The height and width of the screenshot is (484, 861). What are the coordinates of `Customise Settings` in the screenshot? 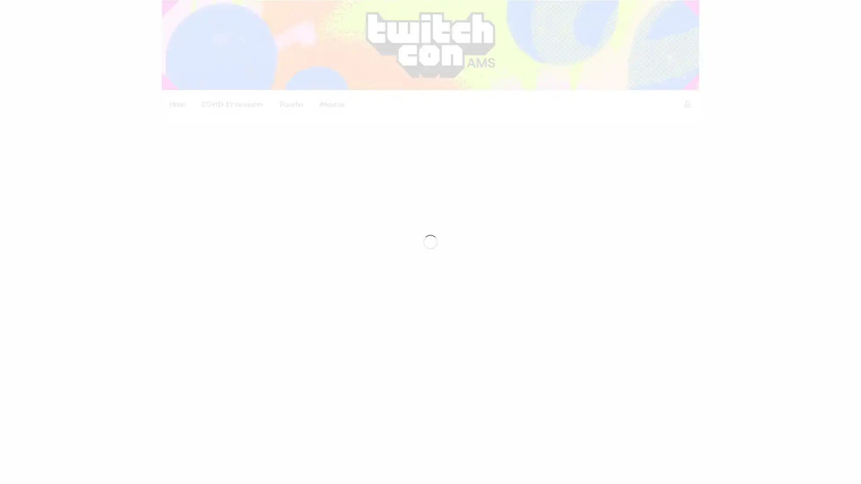 It's located at (551, 469).